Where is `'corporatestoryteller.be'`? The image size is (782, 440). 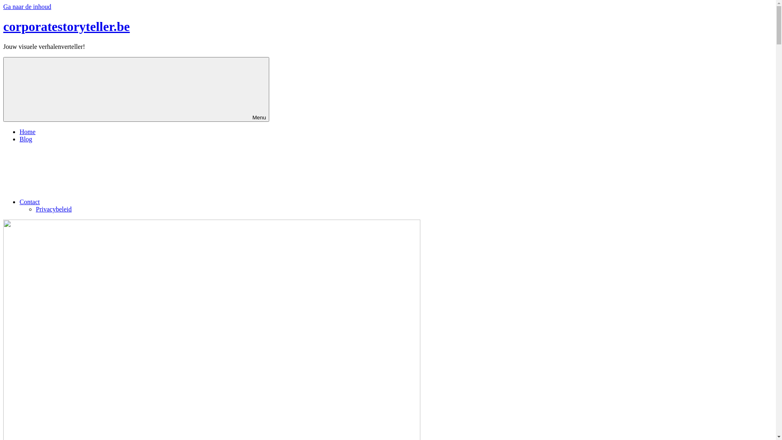
'corporatestoryteller.be' is located at coordinates (66, 26).